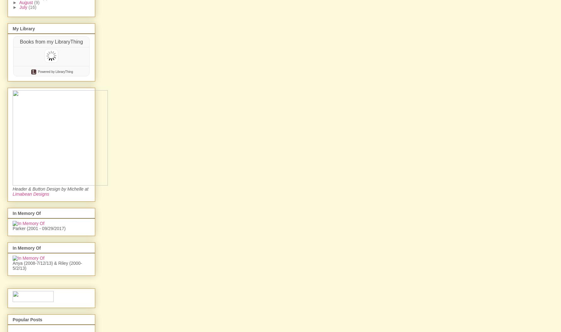 The height and width of the screenshot is (332, 561). I want to click on '(16)', so click(32, 7).